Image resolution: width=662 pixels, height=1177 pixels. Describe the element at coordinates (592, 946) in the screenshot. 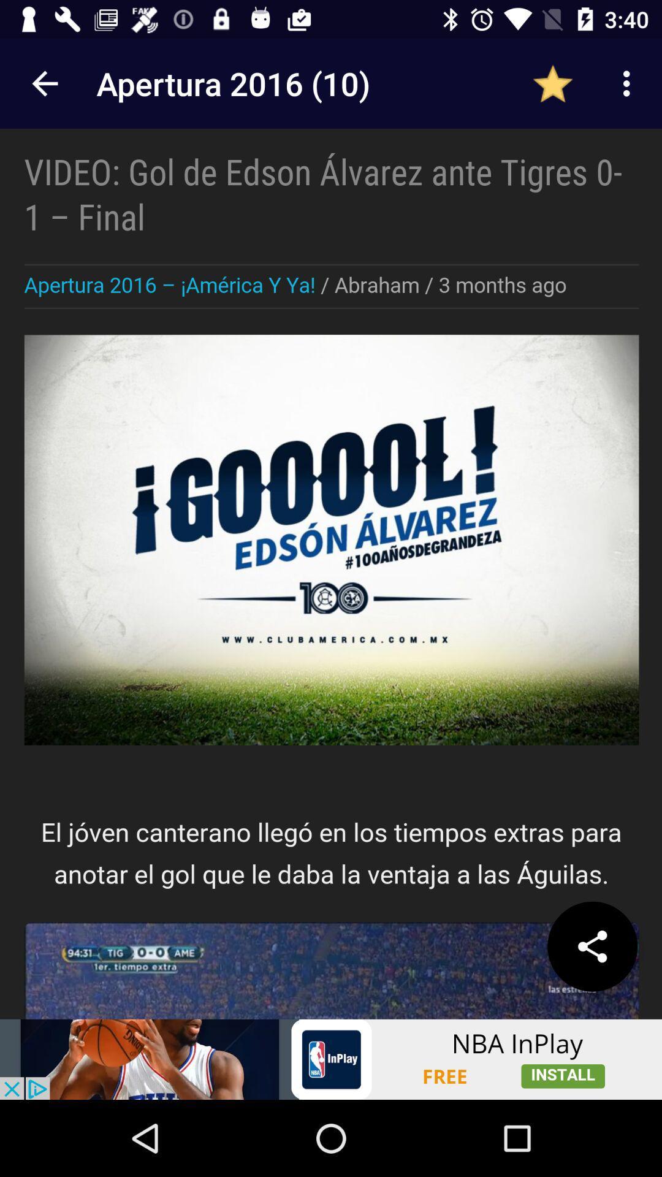

I see `the share icon` at that location.